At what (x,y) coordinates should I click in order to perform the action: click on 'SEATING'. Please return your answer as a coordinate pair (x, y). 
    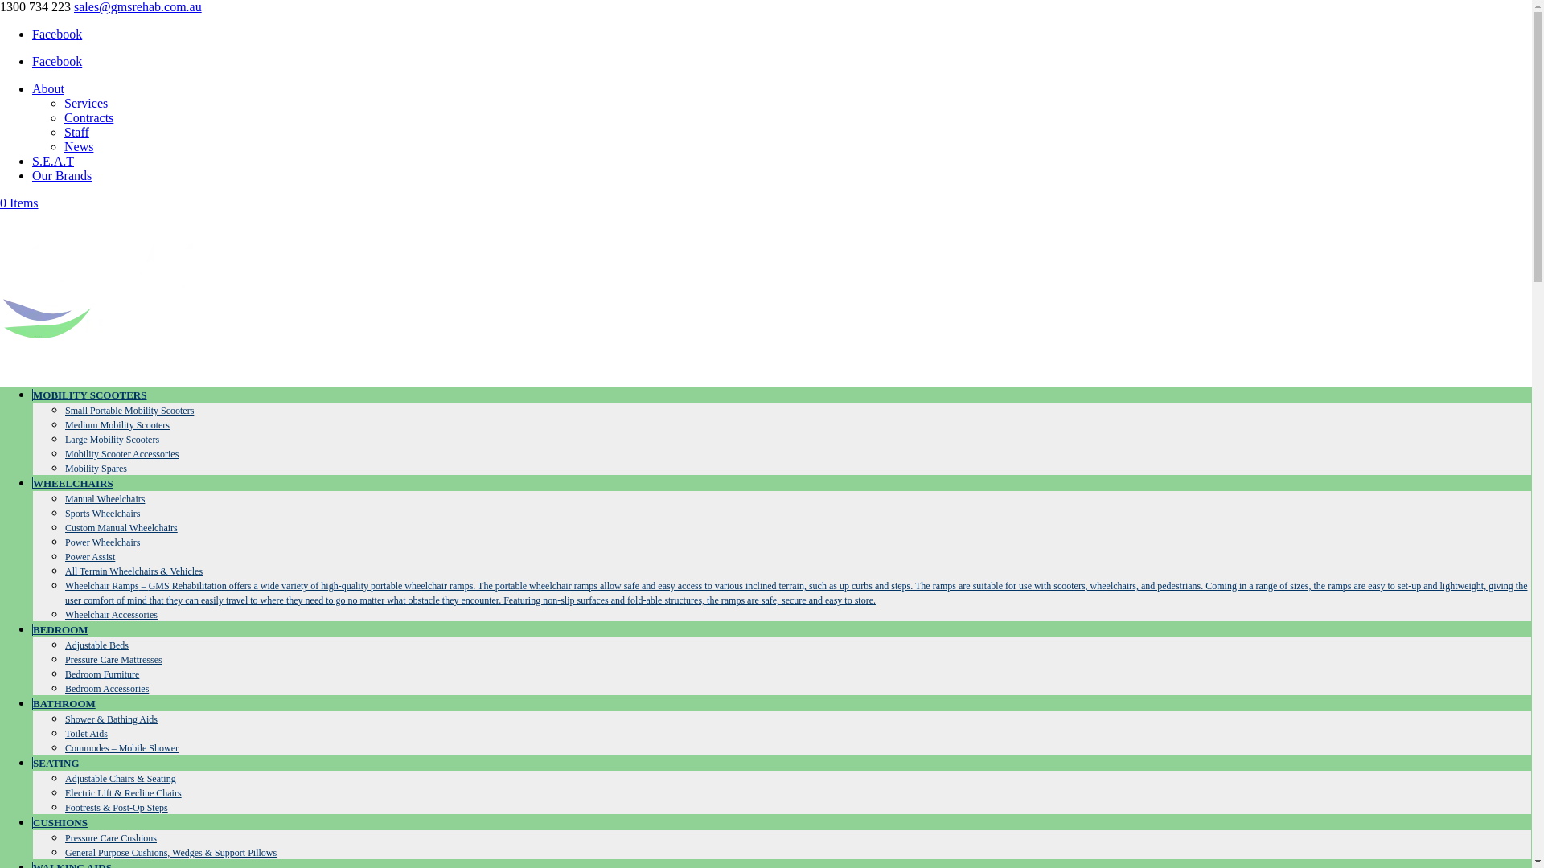
    Looking at the image, I should click on (55, 762).